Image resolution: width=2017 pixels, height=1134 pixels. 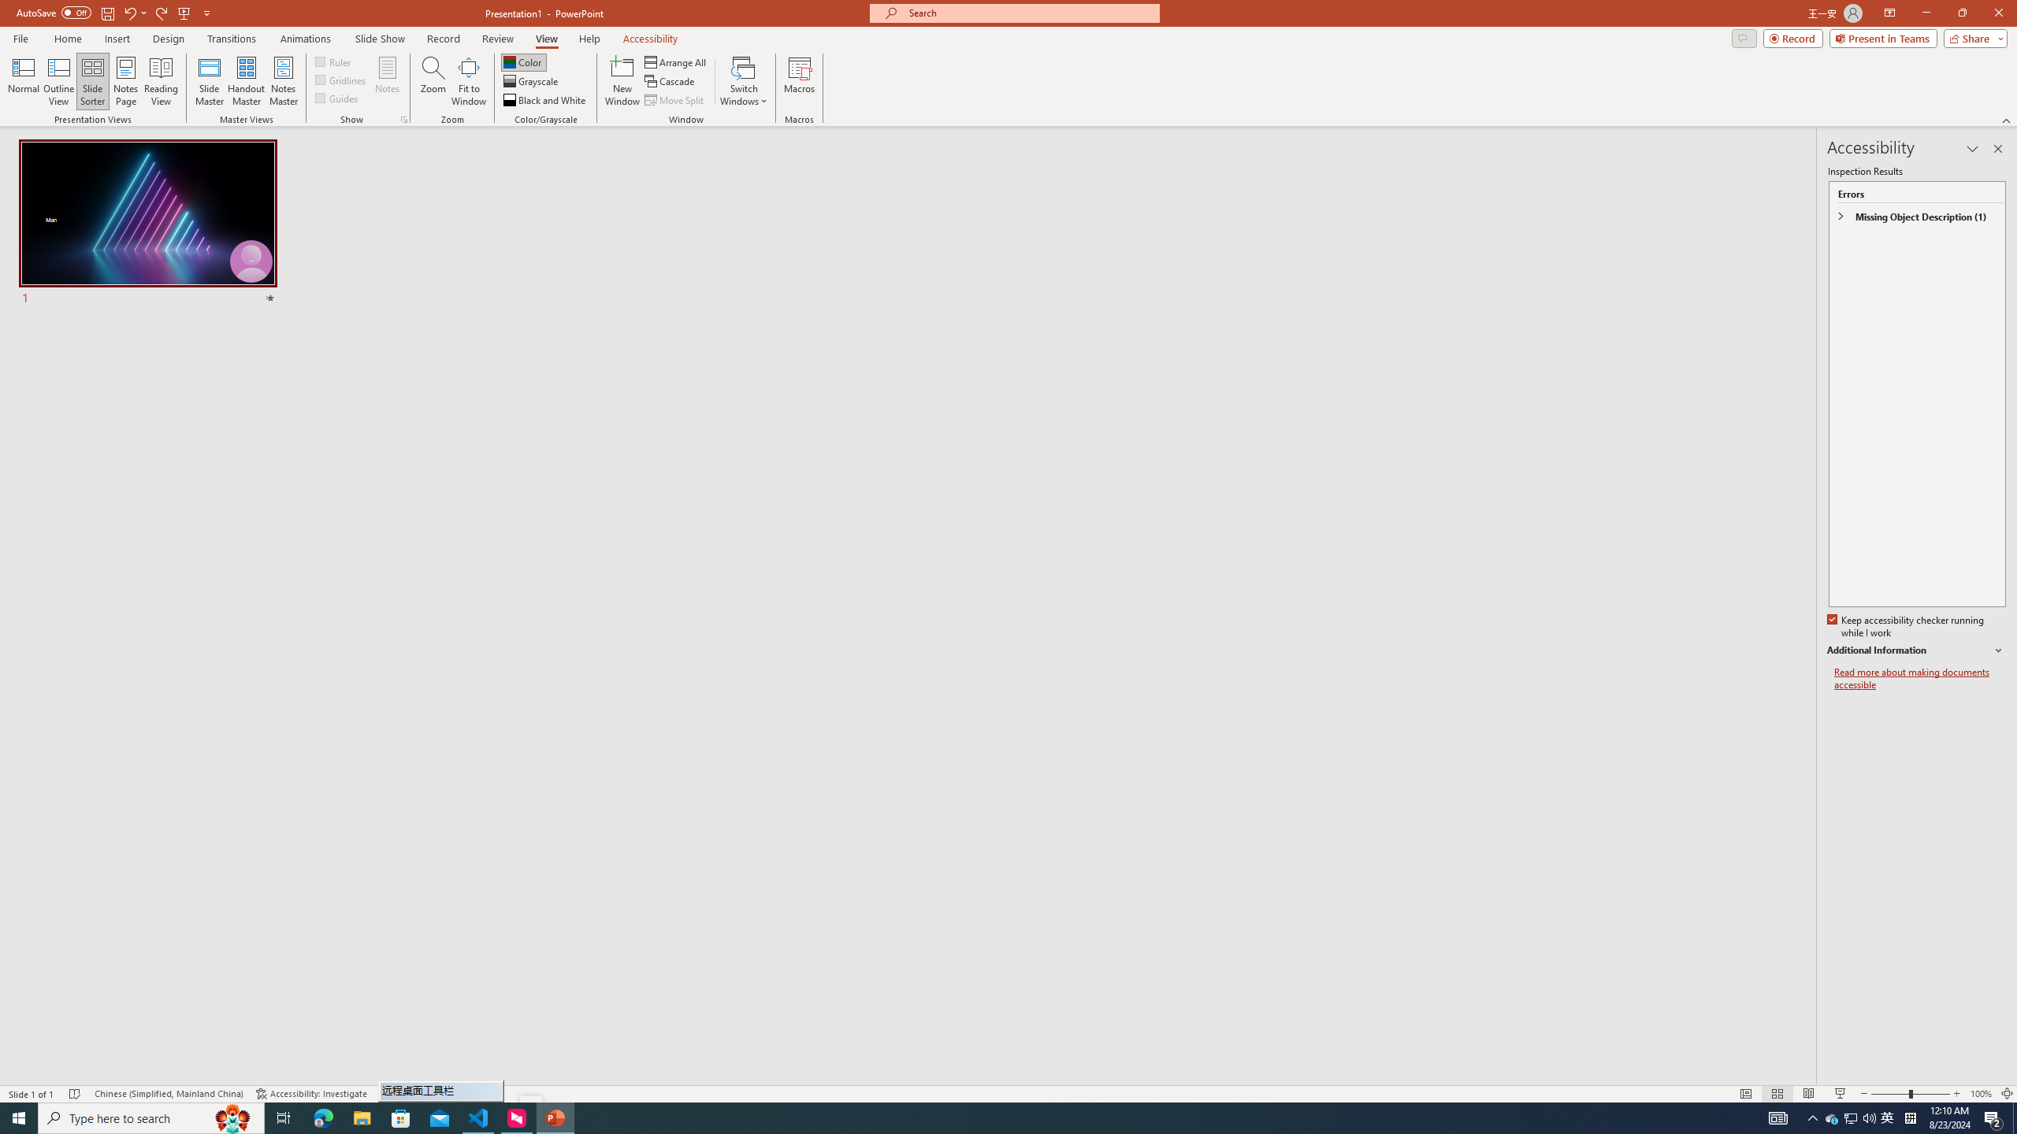 I want to click on 'Zoom 100%', so click(x=1982, y=1094).